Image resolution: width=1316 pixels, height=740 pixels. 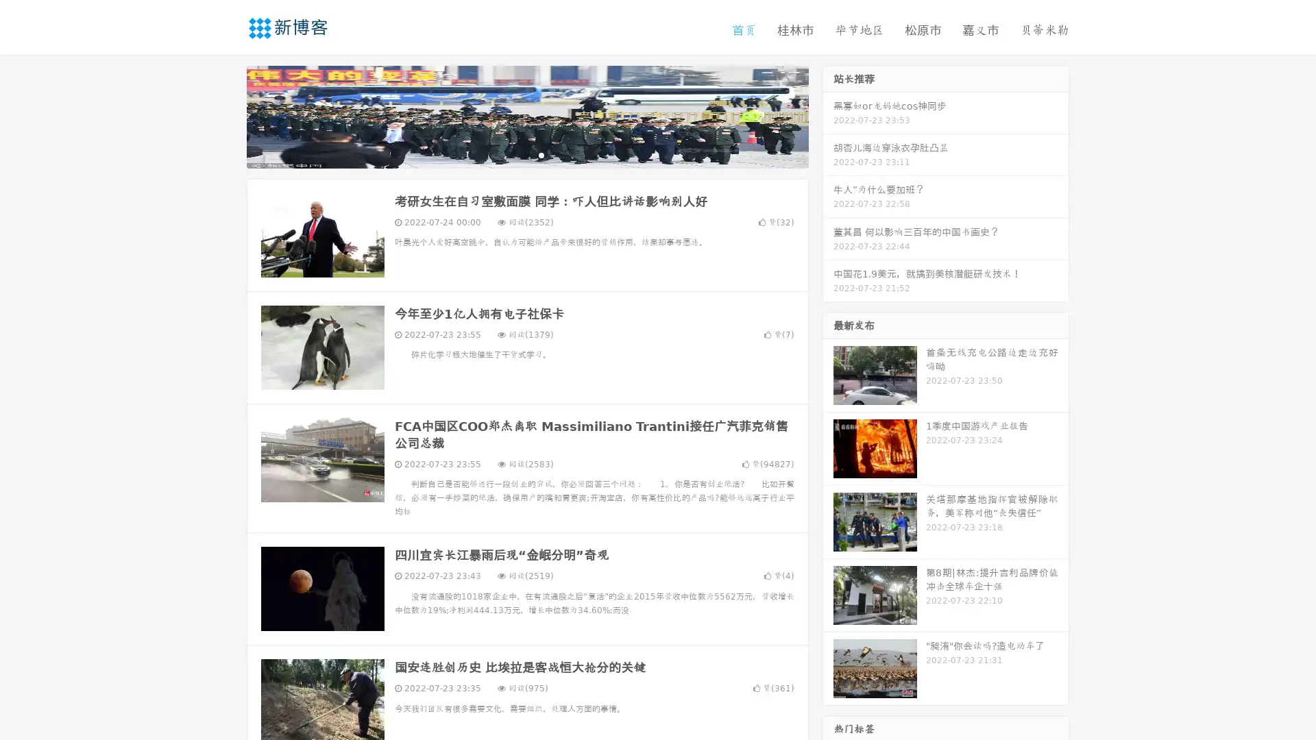 I want to click on Next slide, so click(x=828, y=115).